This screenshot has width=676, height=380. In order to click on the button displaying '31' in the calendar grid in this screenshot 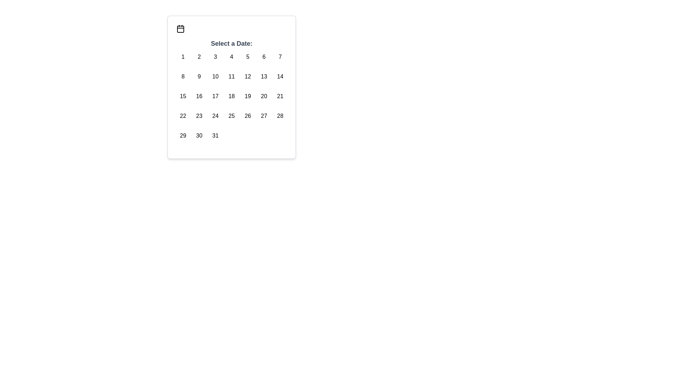, I will do `click(215, 135)`.